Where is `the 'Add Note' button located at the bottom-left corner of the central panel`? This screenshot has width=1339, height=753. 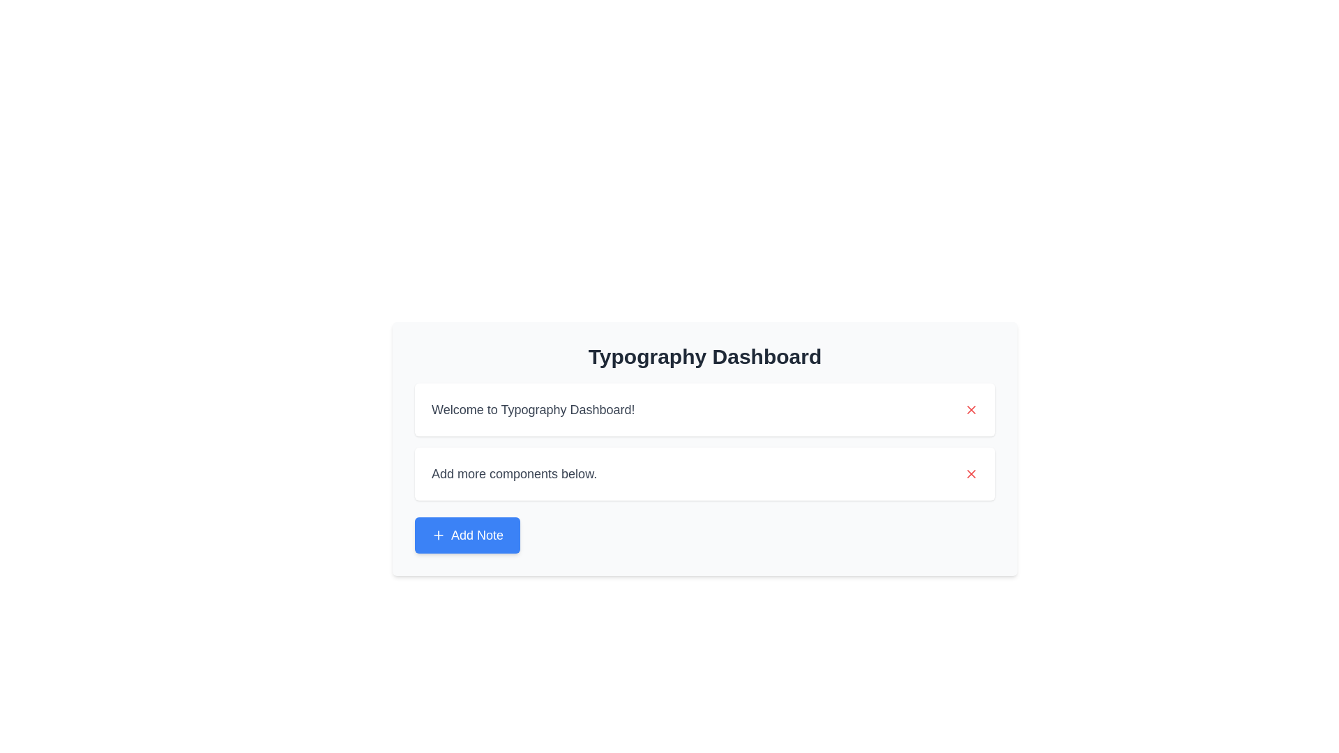 the 'Add Note' button located at the bottom-left corner of the central panel is located at coordinates (477, 534).